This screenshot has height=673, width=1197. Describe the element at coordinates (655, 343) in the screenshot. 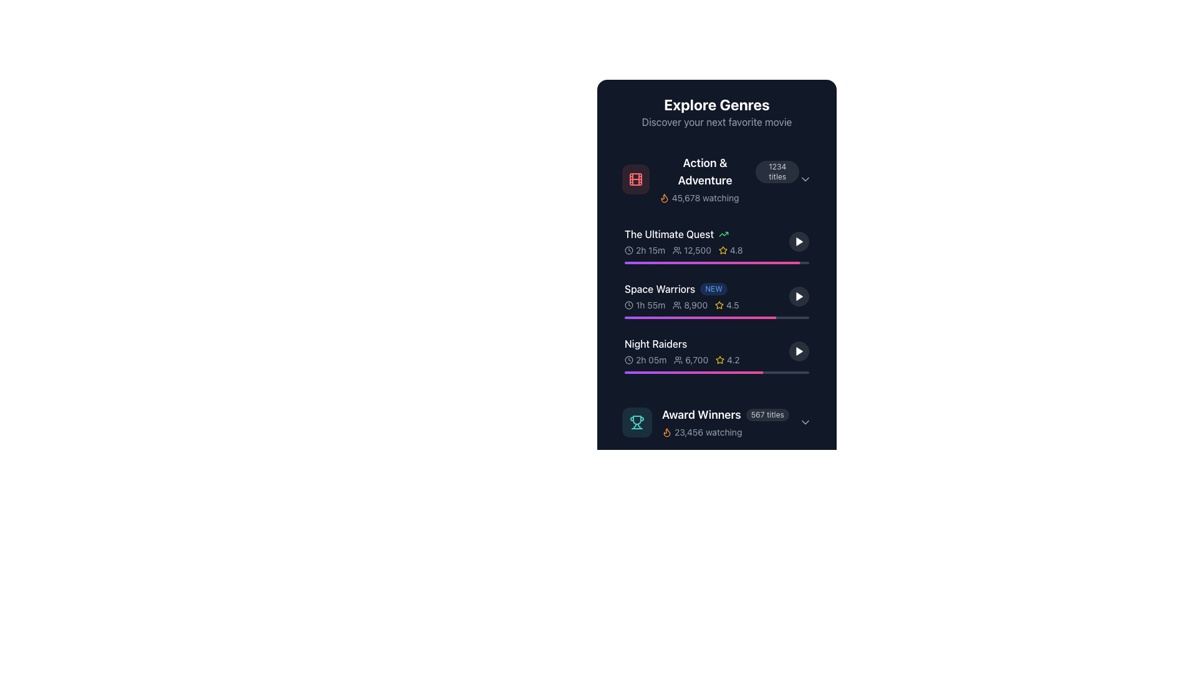

I see `the text label displaying the movie title 'Night Raiders', which is the third entry in the vertical list, located between 'Space Warriors' and its associated time and rating information` at that location.